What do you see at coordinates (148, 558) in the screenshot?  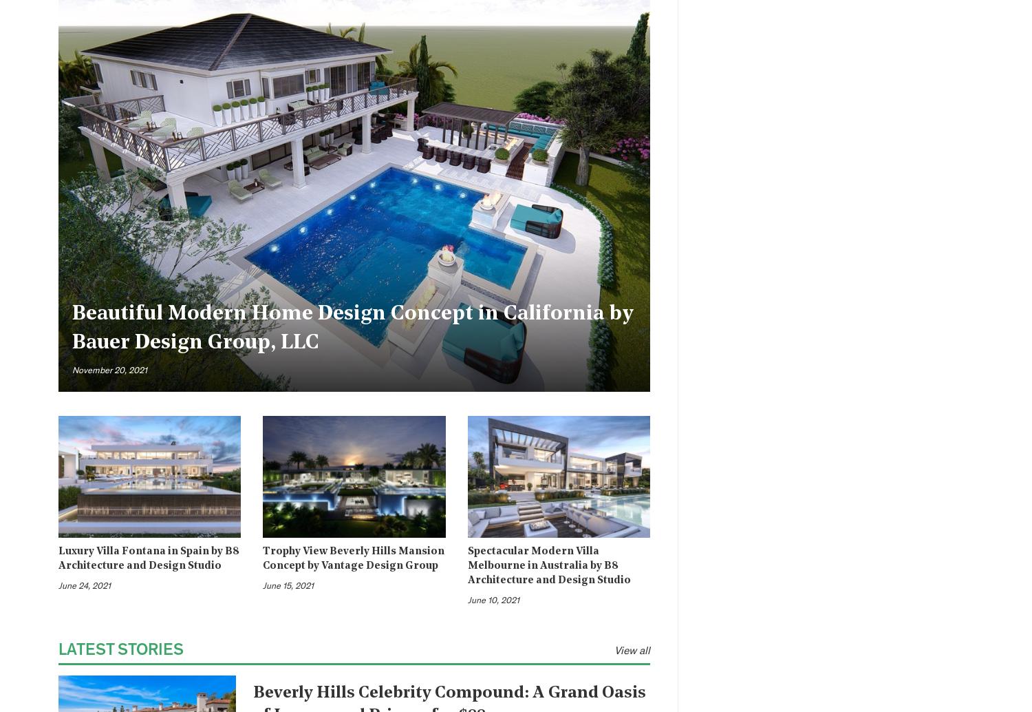 I see `'Luxury Villa Fontana in Spain by B8 Architecture and Design Studio'` at bounding box center [148, 558].